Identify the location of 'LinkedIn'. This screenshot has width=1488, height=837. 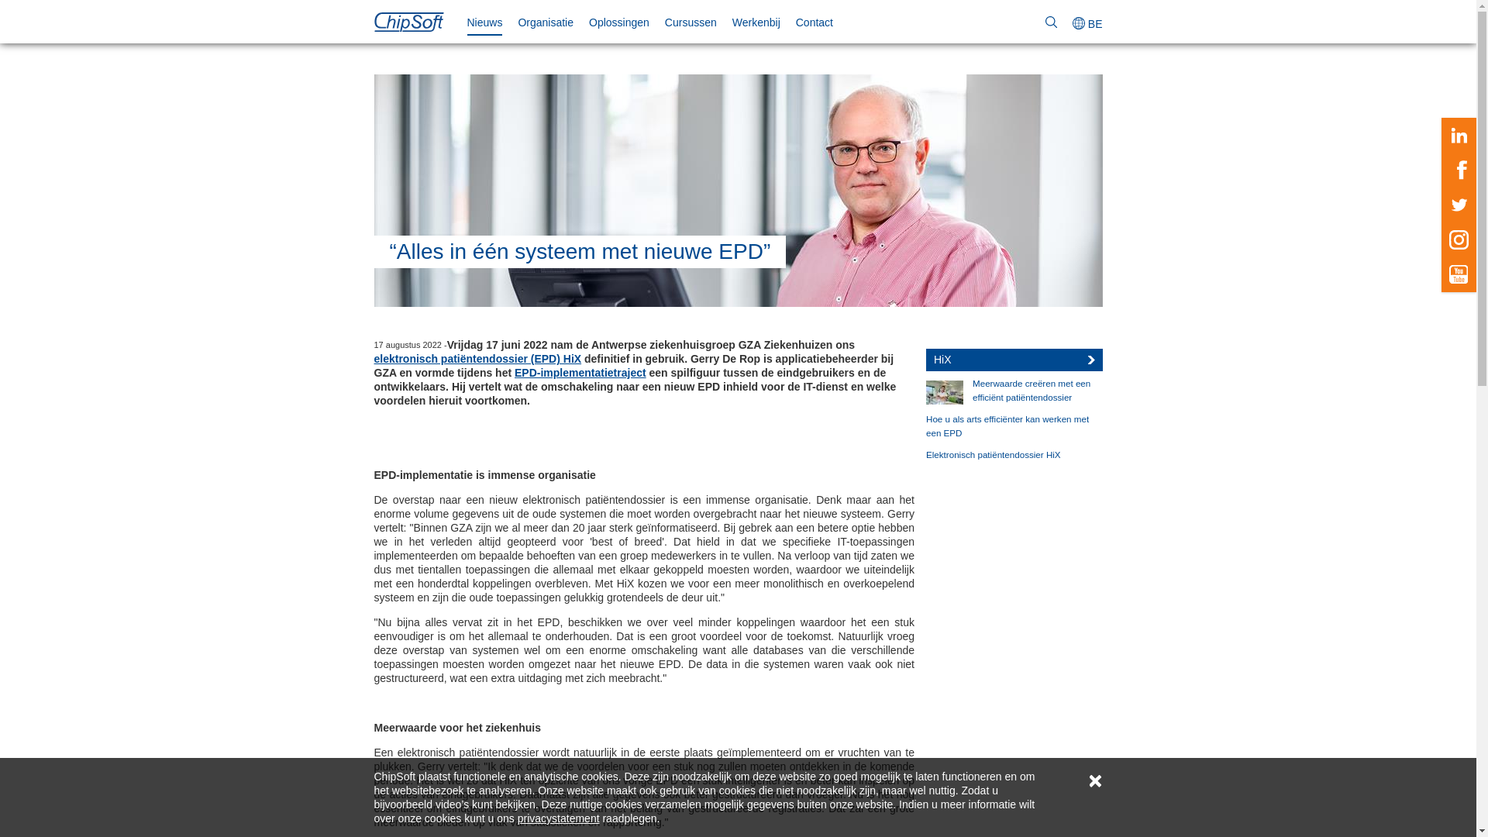
(1458, 134).